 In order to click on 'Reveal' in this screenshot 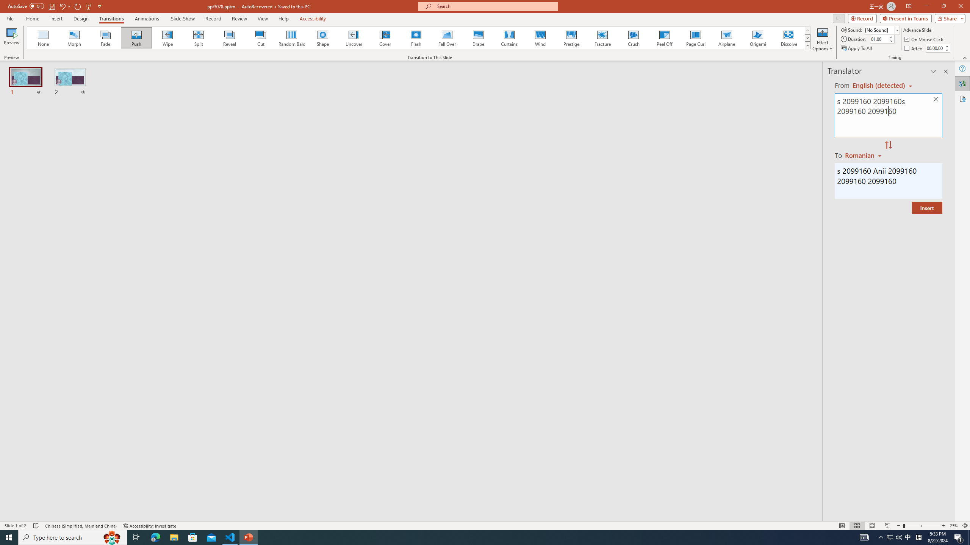, I will do `click(230, 37)`.